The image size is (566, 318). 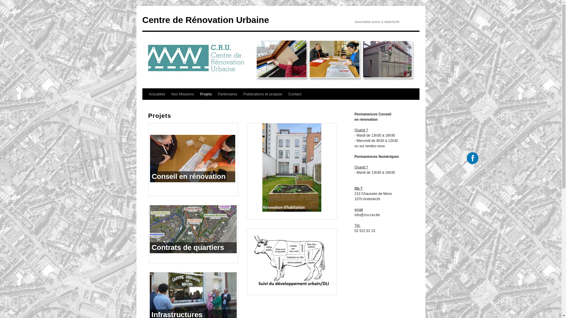 I want to click on 'Nos Missions', so click(x=182, y=94).